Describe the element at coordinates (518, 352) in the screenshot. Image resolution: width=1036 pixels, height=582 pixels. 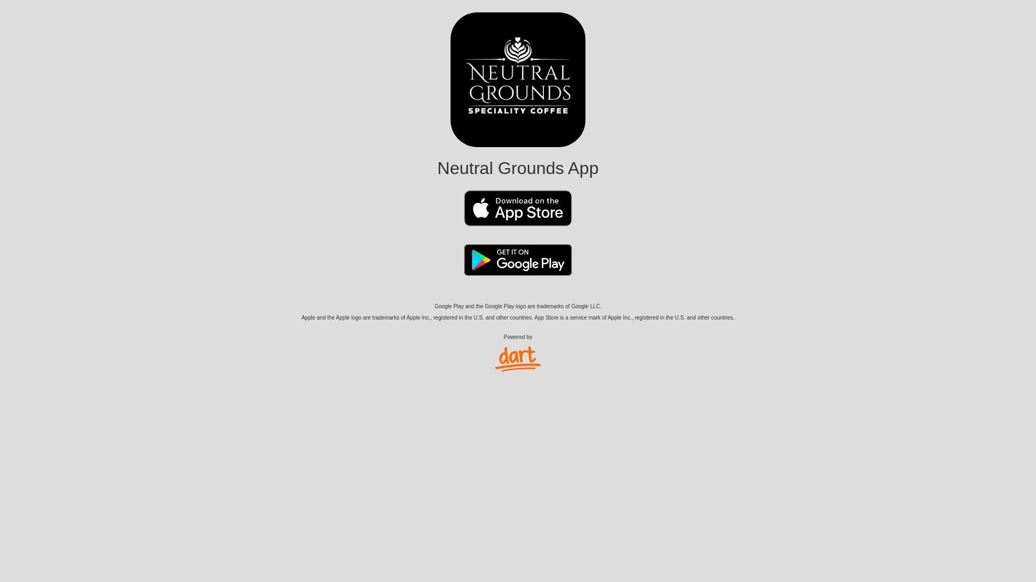
I see `'Powered by'` at that location.